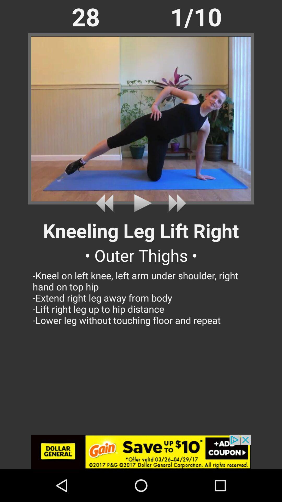 The image size is (282, 502). What do you see at coordinates (141, 452) in the screenshot?
I see `open gain advertisement` at bounding box center [141, 452].